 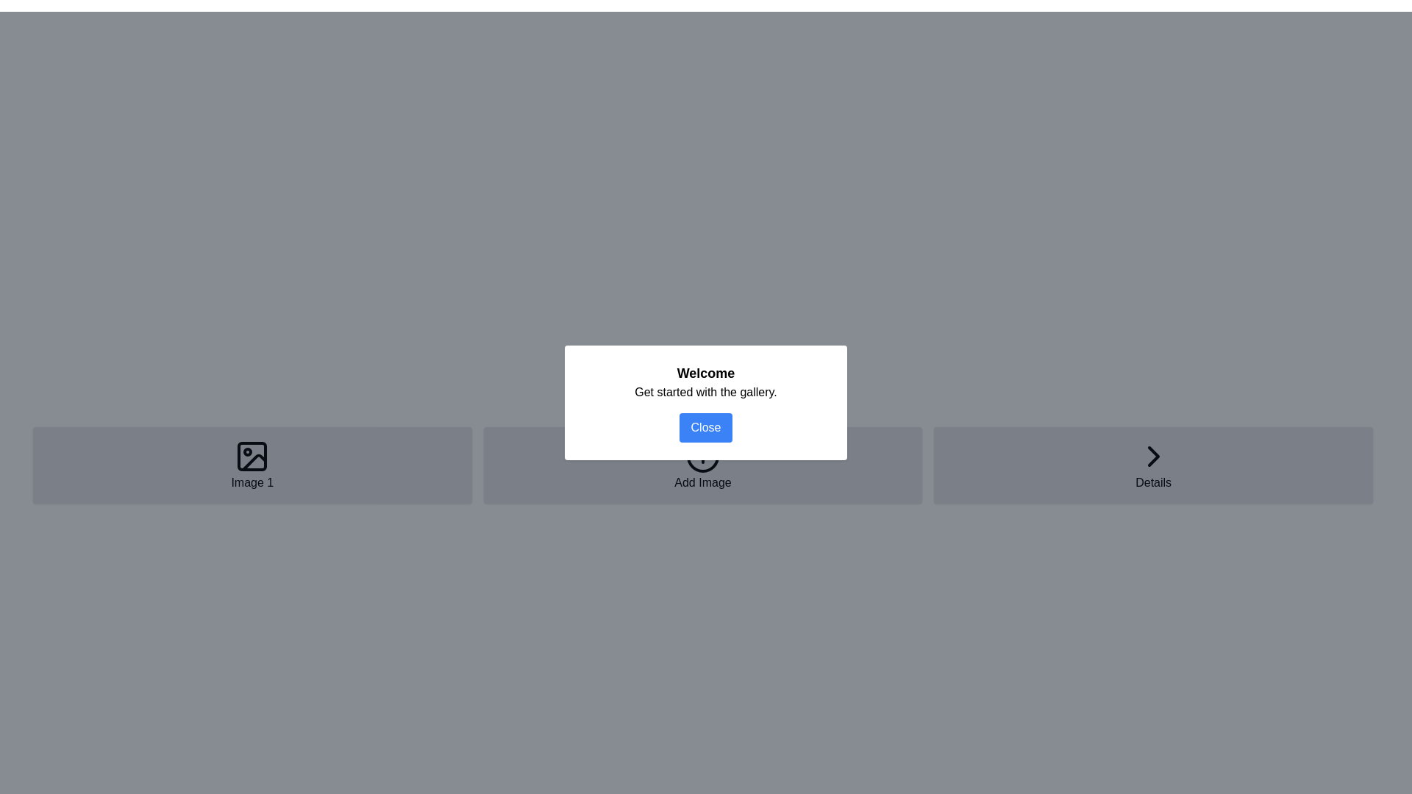 I want to click on the rightwards chevron icon located near the 'Details' text label to uncover tooltips, so click(x=1152, y=456).